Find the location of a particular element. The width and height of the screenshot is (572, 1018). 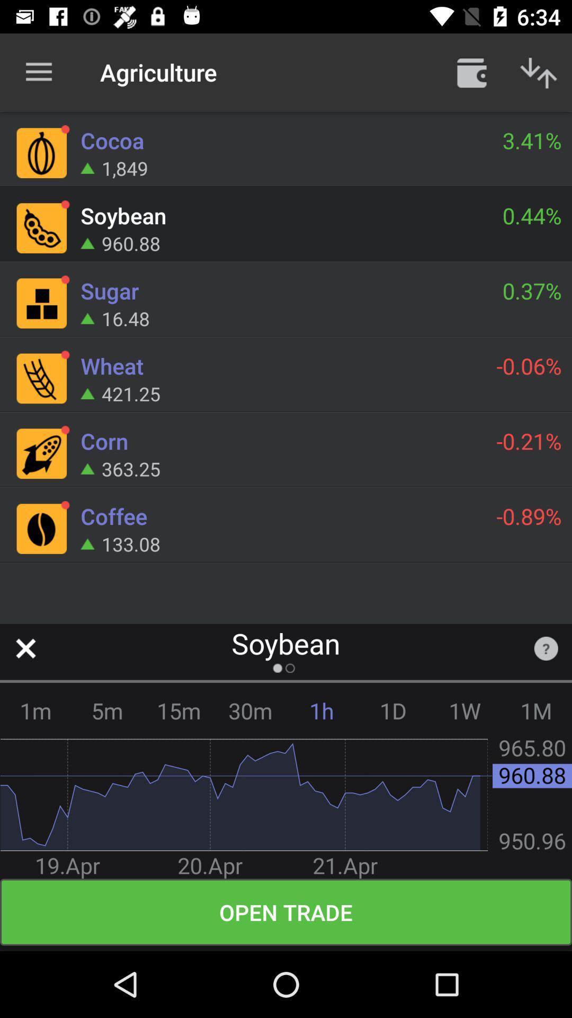

the close icon is located at coordinates (25, 648).